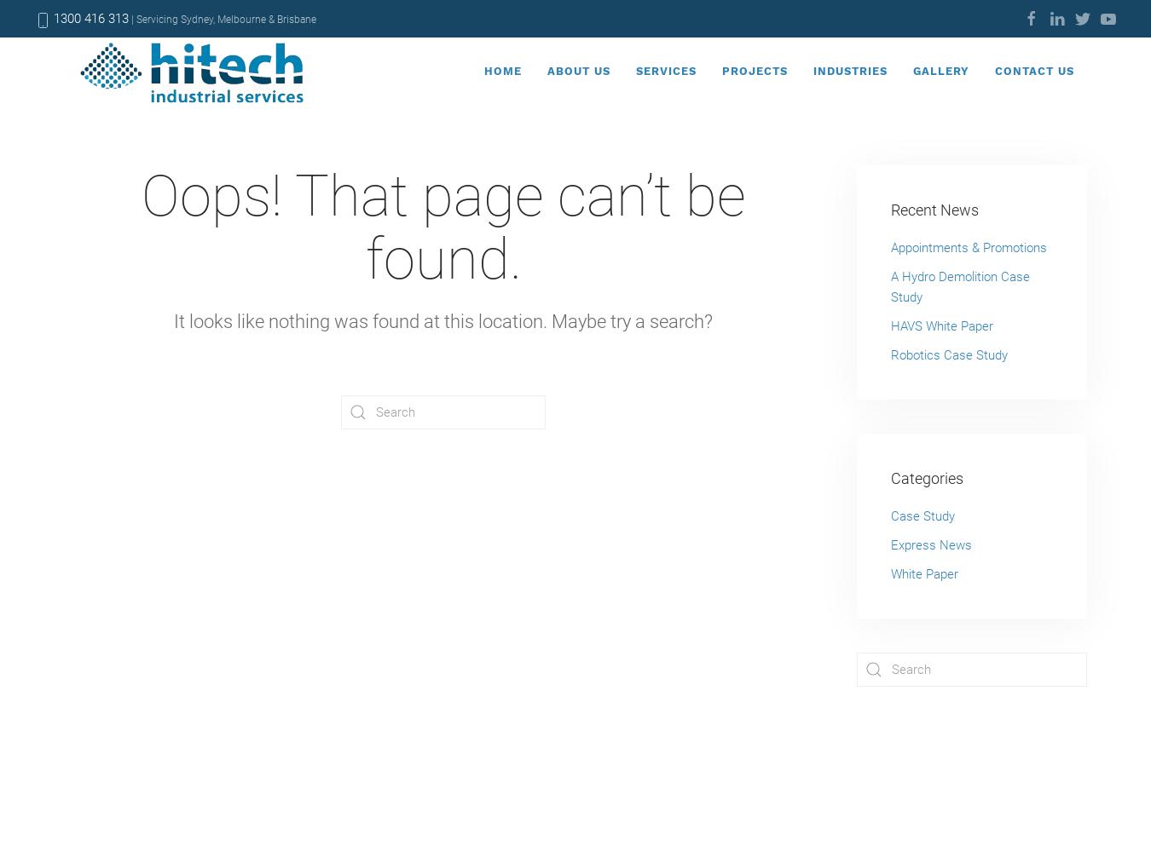  I want to click on '| Servicing Sydney, Melbourne & Brisbane', so click(221, 20).